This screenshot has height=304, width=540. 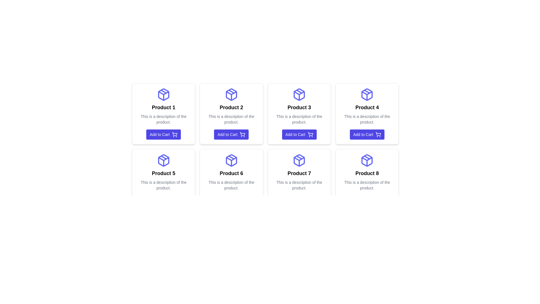 What do you see at coordinates (367, 94) in the screenshot?
I see `the decorative SVG icon located in the upper section of the 'Product 4' card, centered above the title 'Product 4'` at bounding box center [367, 94].